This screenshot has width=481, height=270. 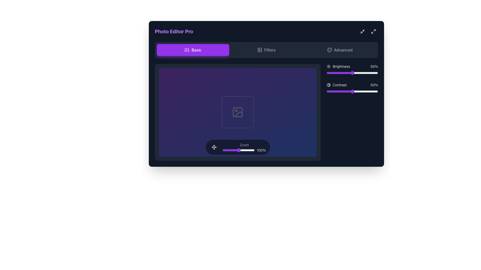 What do you see at coordinates (266, 50) in the screenshot?
I see `the 'Filters' button, which is the second button from the left in a group of three, to observe the hover effect` at bounding box center [266, 50].